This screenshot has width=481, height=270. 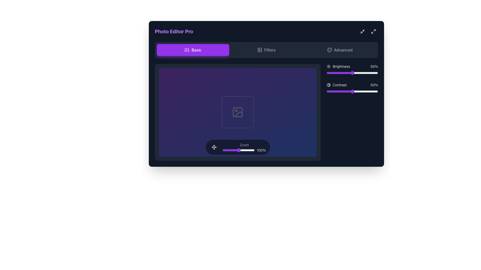 What do you see at coordinates (266, 50) in the screenshot?
I see `the 'Filters' button, which is the second button from the left in a group of three, to observe the hover effect` at bounding box center [266, 50].